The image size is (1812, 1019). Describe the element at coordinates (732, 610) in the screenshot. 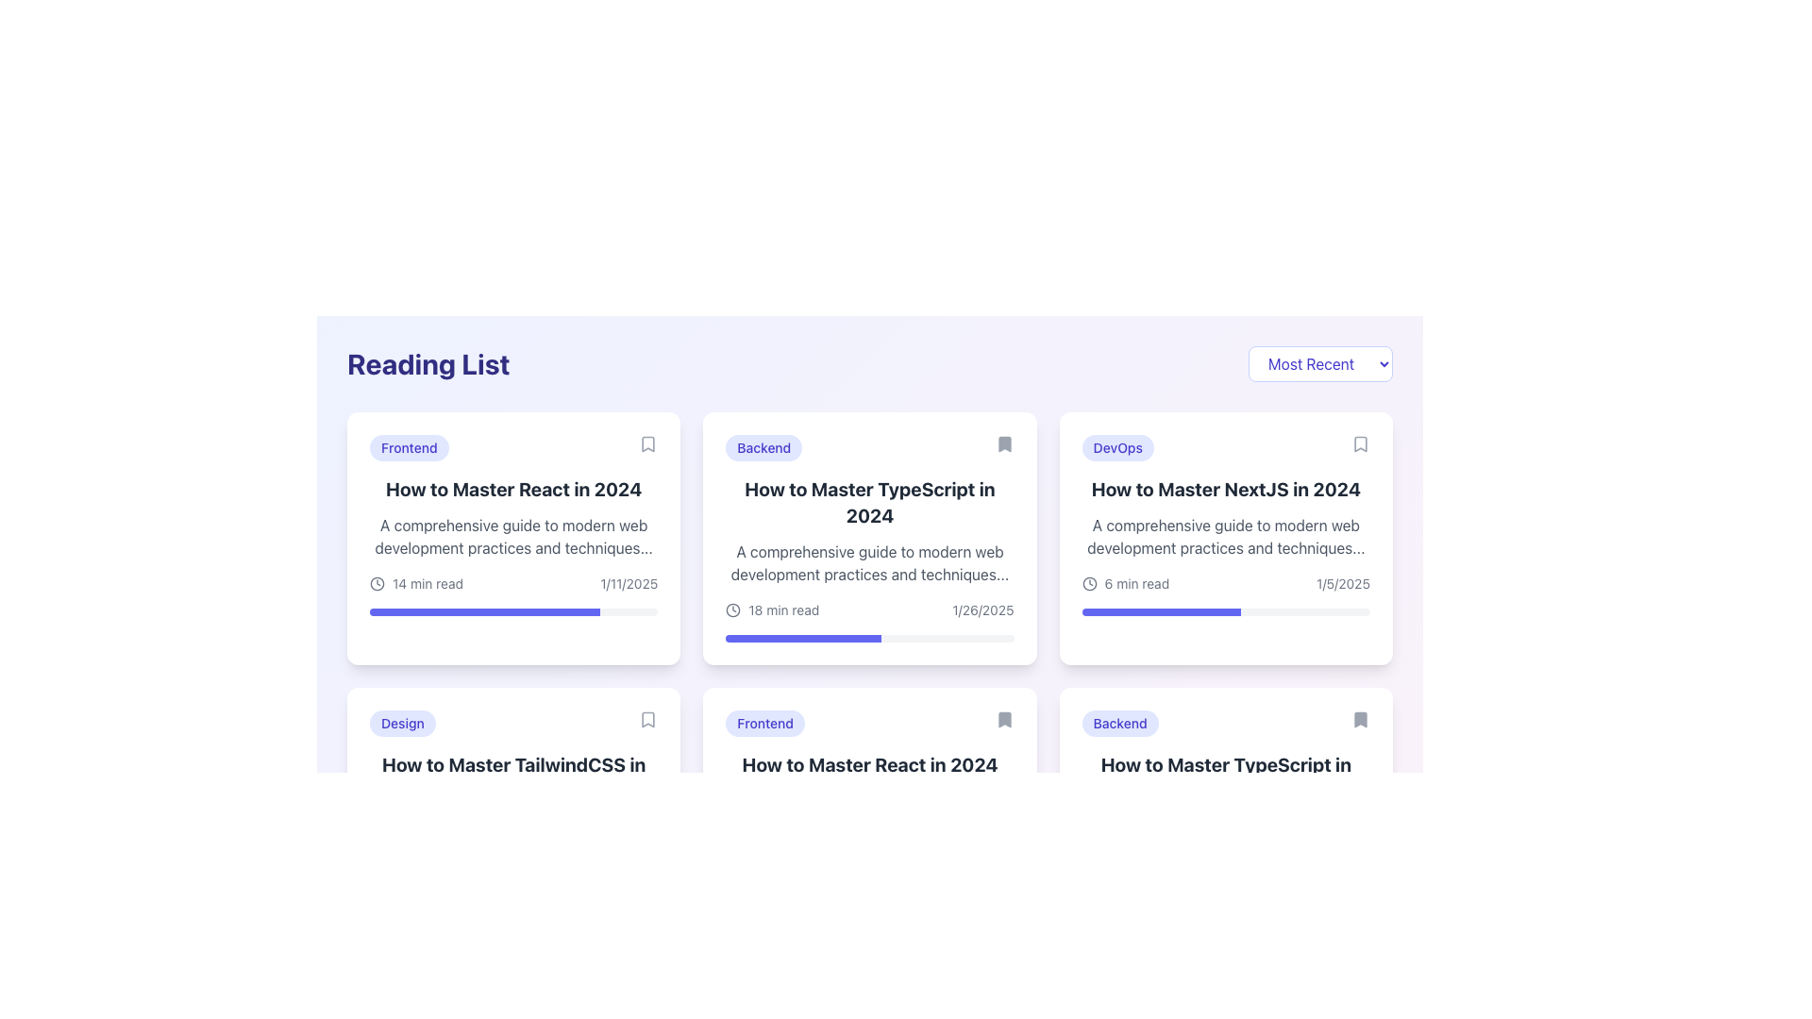

I see `the clock icon that indicates the reading time of the article 'How to Master TypeScript in 2024', located to the left of the text '18 min read' in the metadata section of the card component` at that location.